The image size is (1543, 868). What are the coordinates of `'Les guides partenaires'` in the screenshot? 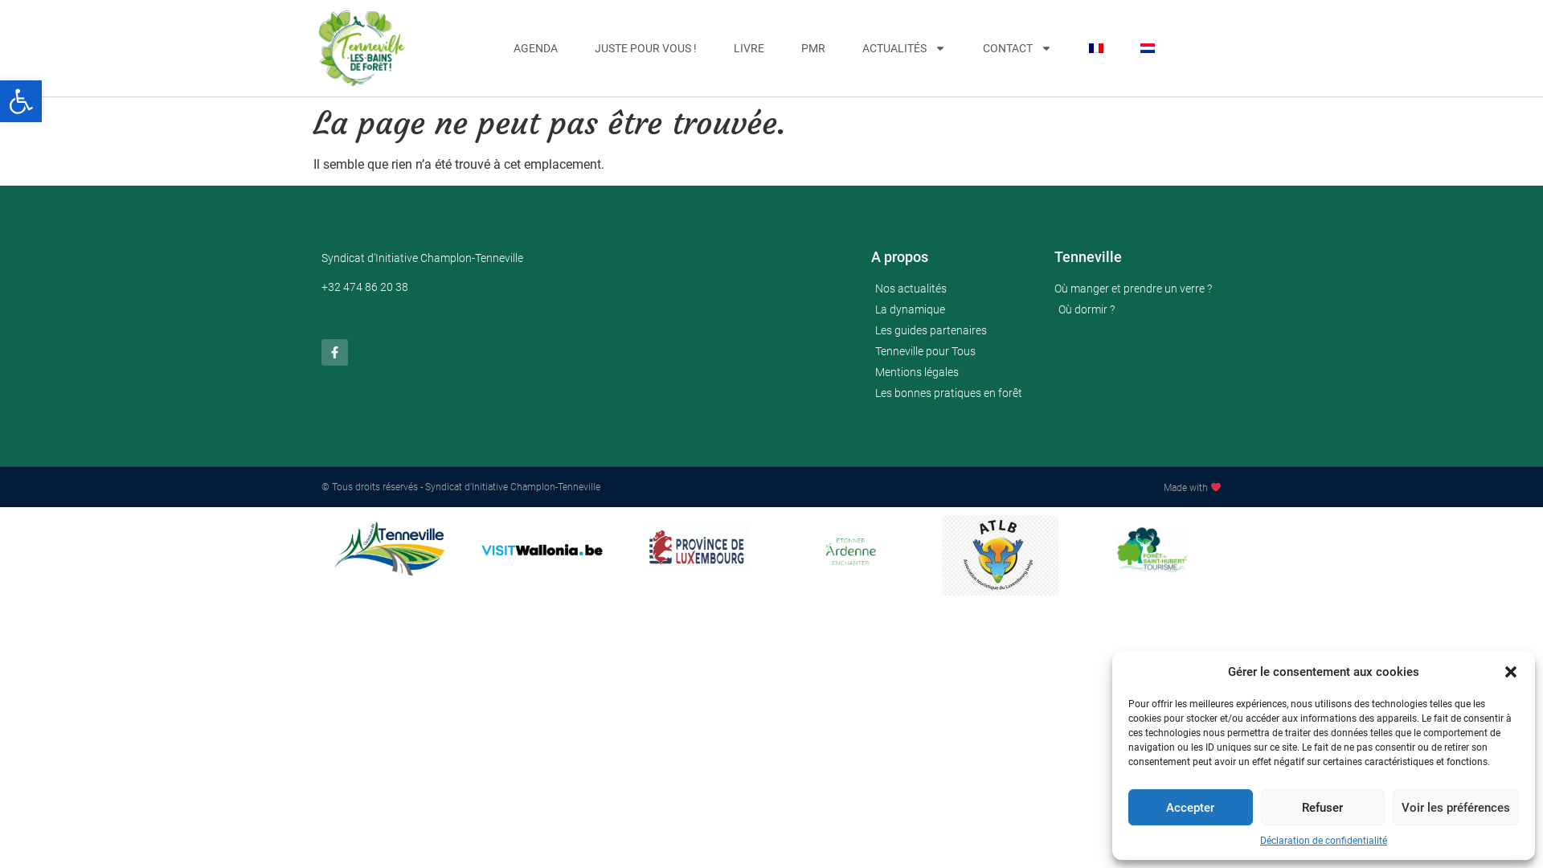 It's located at (955, 330).